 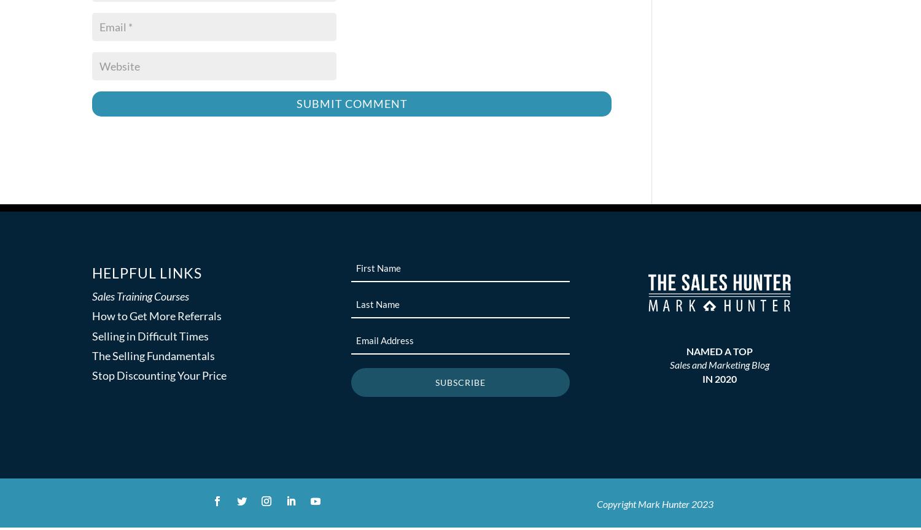 I want to click on 'Helpful Links', so click(x=146, y=272).